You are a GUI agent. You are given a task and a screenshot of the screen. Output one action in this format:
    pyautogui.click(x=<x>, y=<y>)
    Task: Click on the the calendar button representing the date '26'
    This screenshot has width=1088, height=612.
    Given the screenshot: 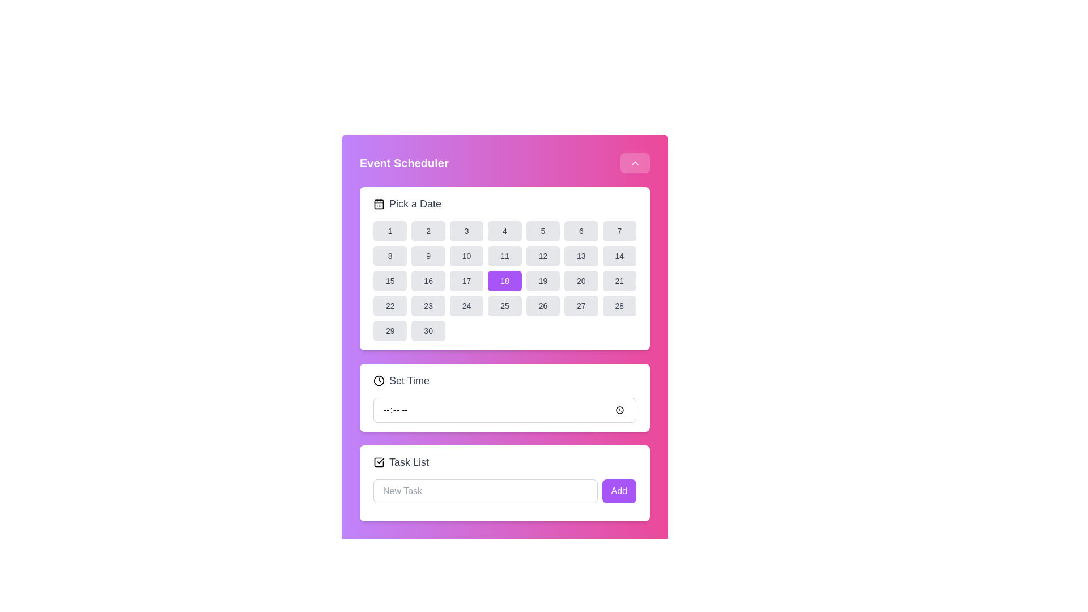 What is the action you would take?
    pyautogui.click(x=542, y=306)
    